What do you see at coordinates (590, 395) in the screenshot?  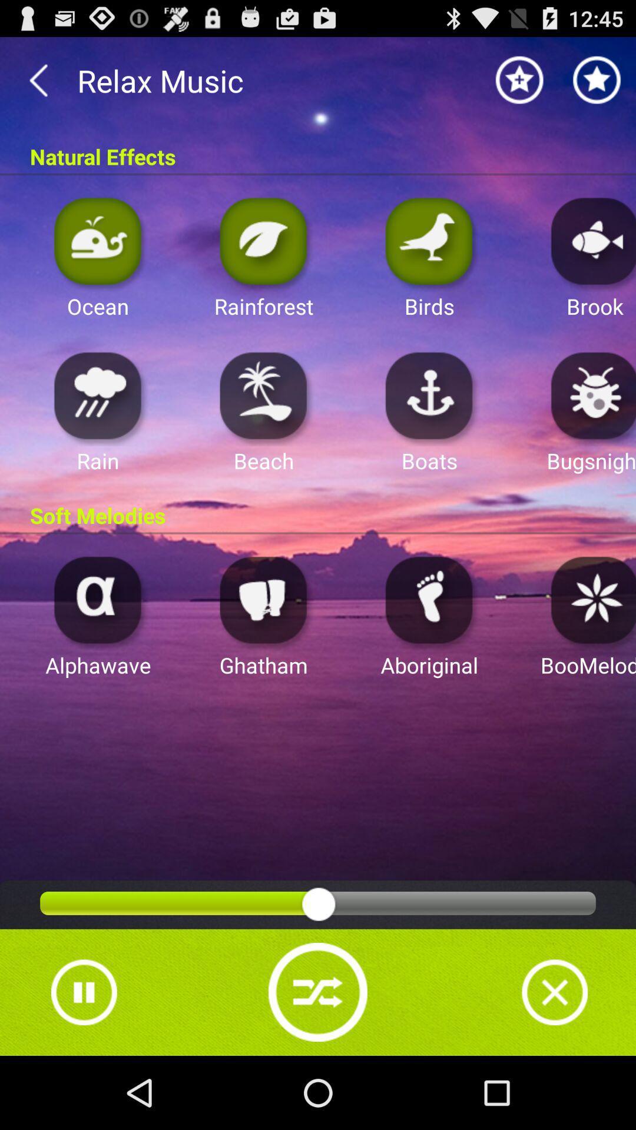 I see `bugsnight button` at bounding box center [590, 395].